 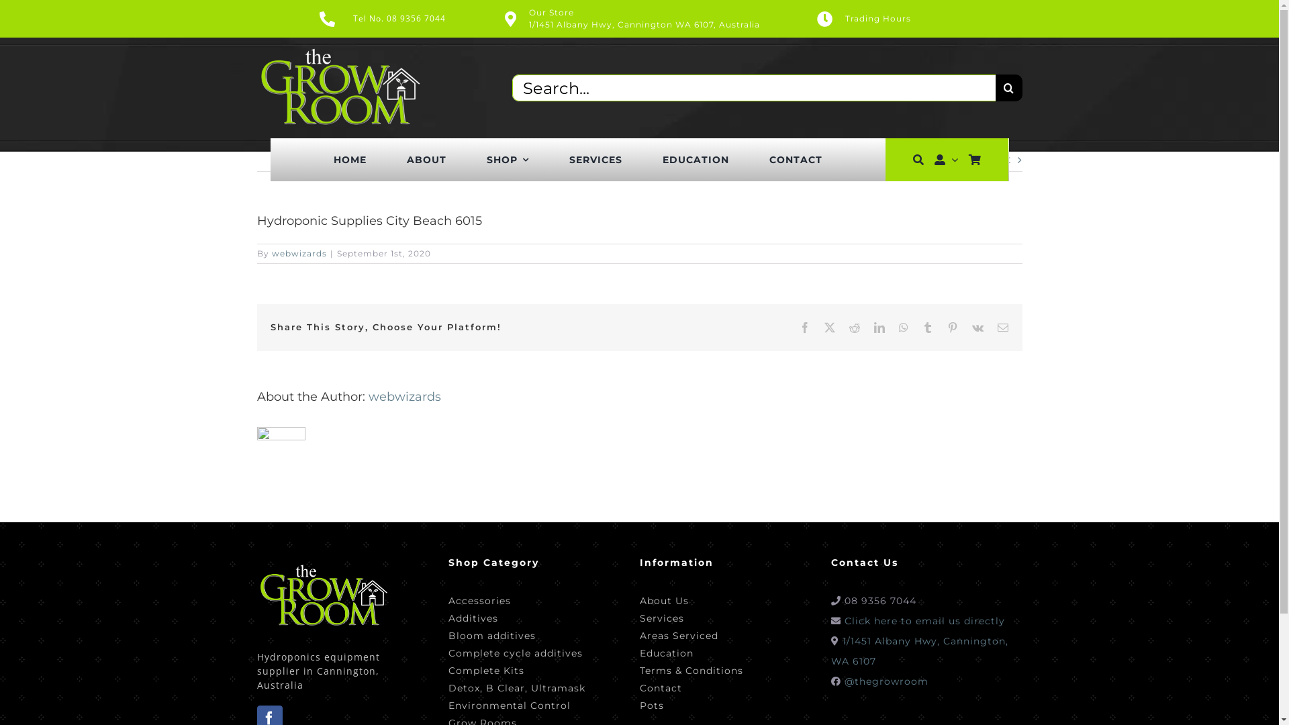 What do you see at coordinates (978, 328) in the screenshot?
I see `'Vk'` at bounding box center [978, 328].